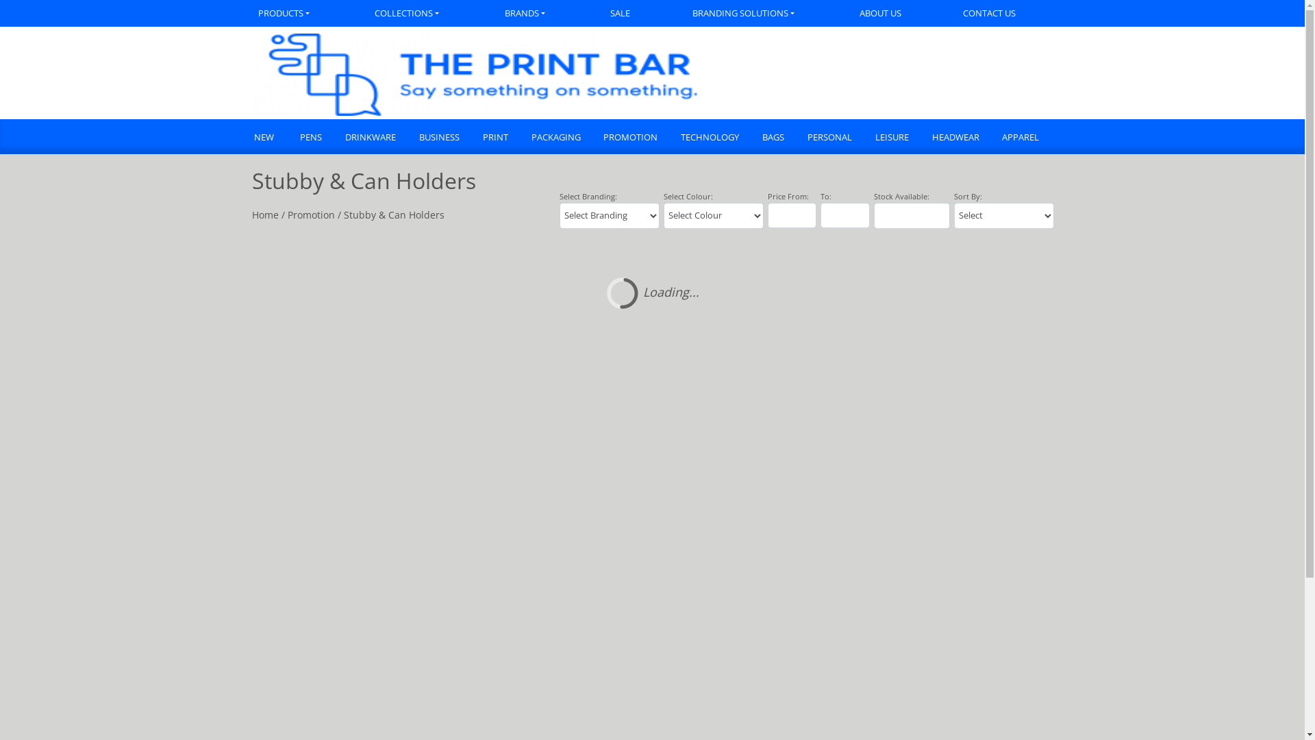  What do you see at coordinates (369, 138) in the screenshot?
I see `'DRINKWARE'` at bounding box center [369, 138].